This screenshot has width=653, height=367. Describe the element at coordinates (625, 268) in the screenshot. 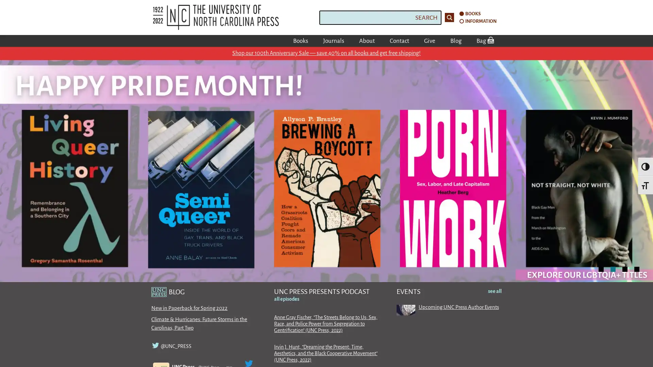

I see `3` at that location.